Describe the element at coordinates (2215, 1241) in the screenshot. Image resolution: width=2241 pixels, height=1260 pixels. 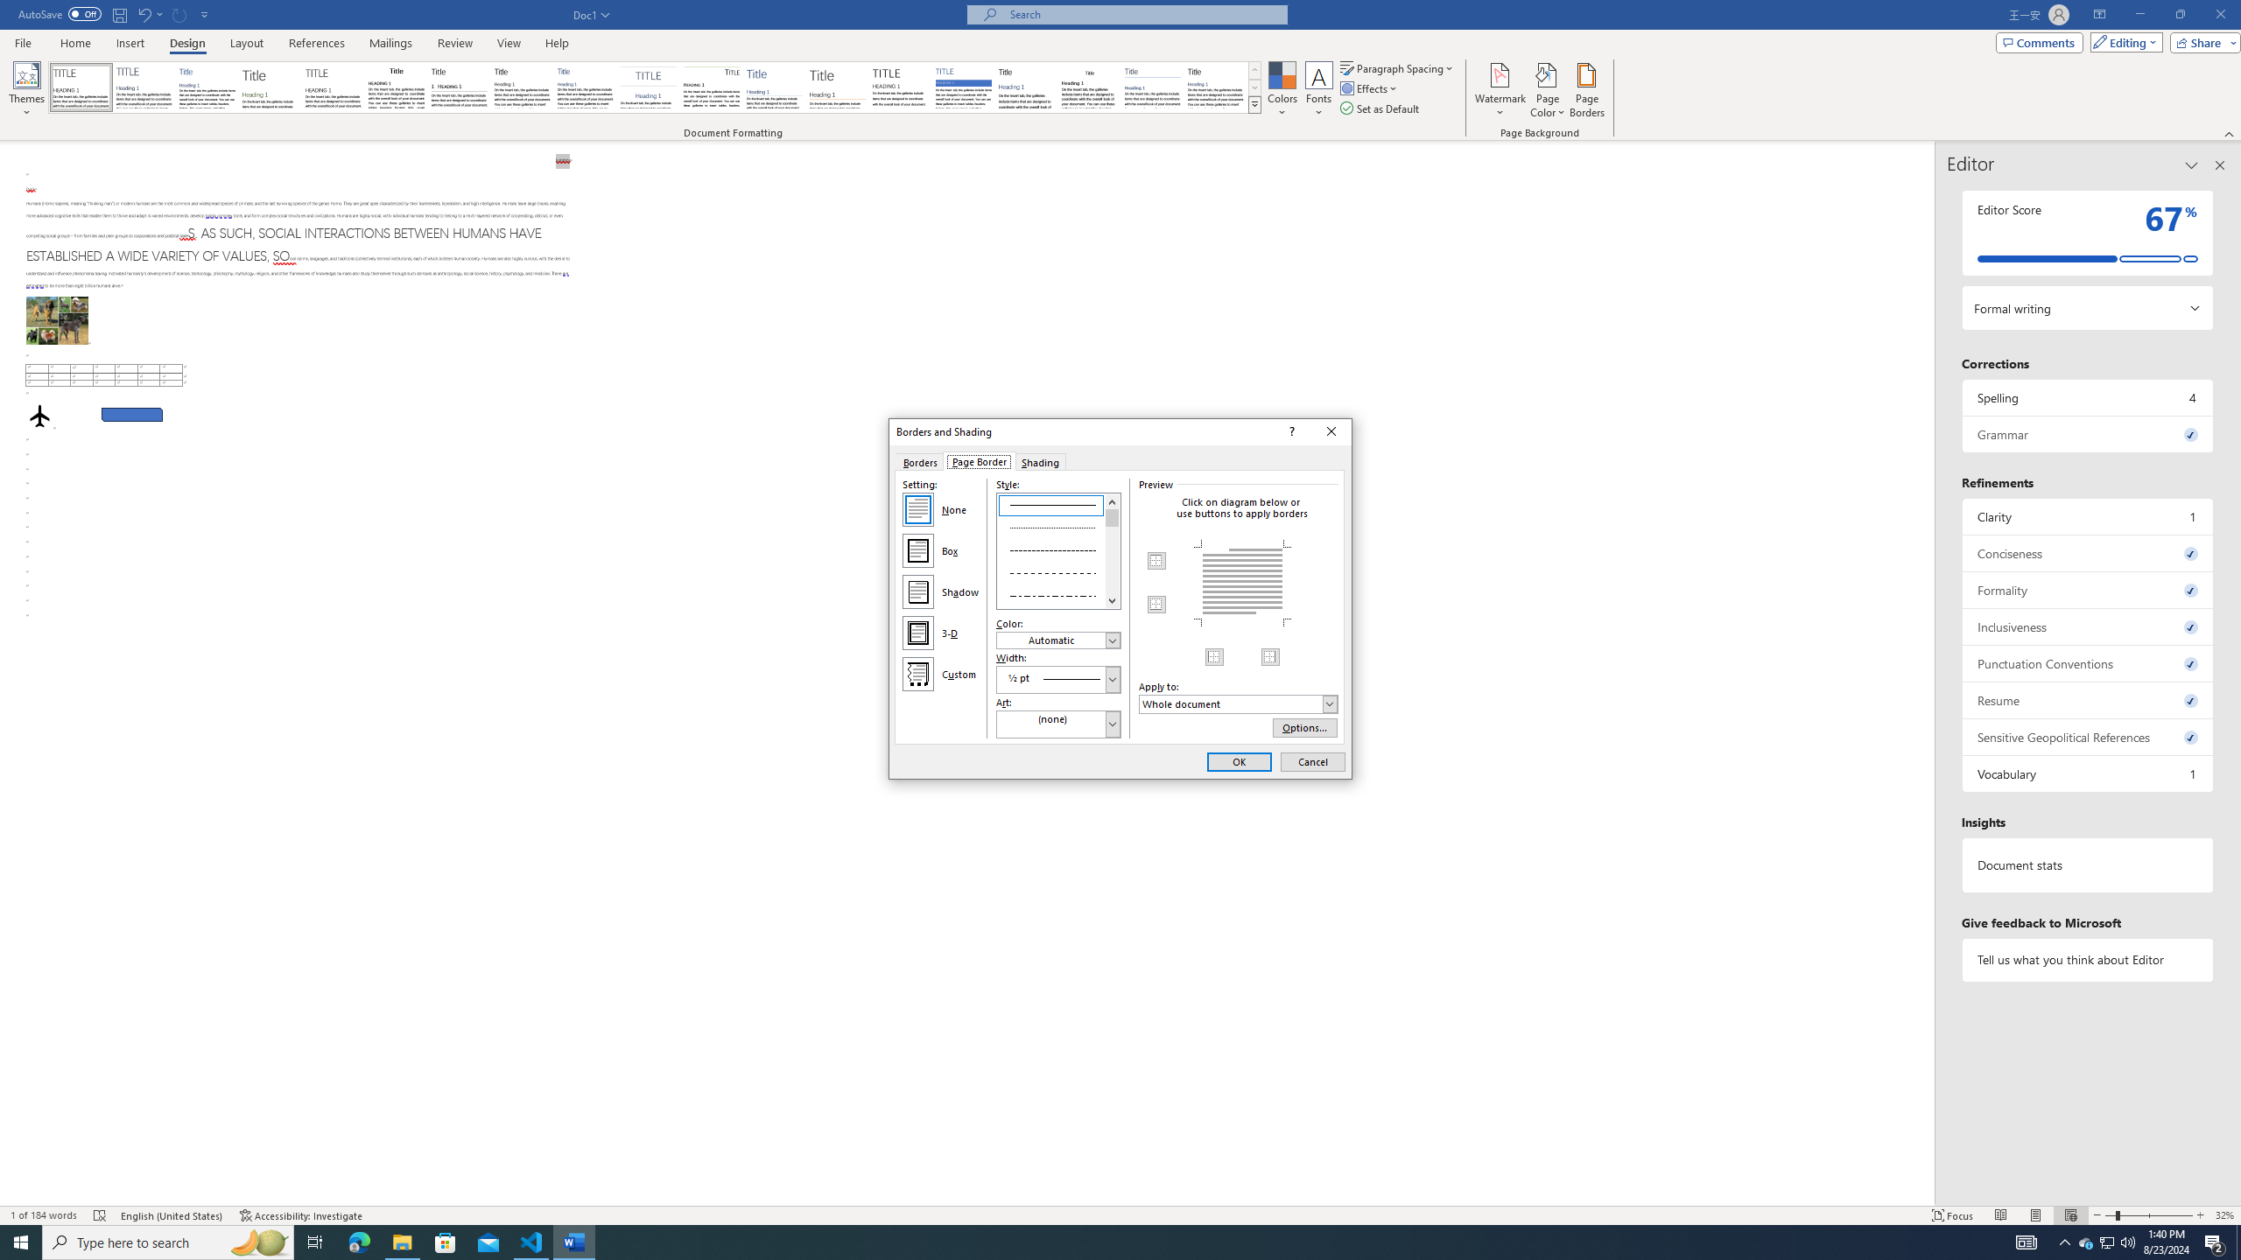
I see `'Action Center, 2 new notifications'` at that location.